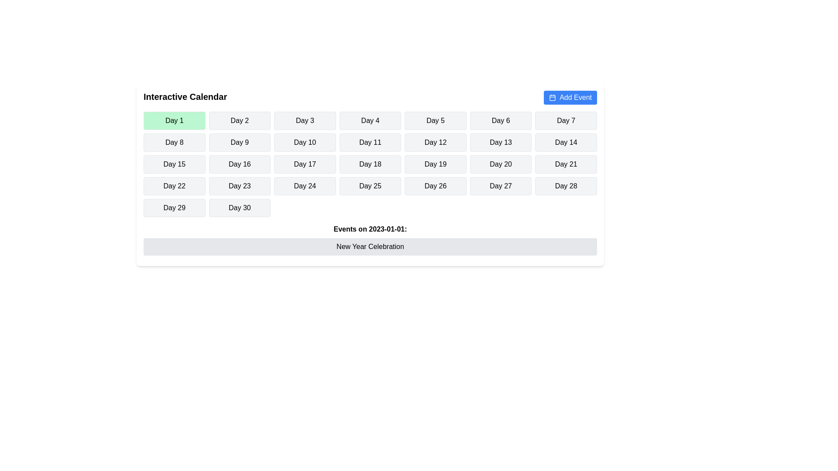  What do you see at coordinates (566, 142) in the screenshot?
I see `the rectangular button labeled 'Day 14'` at bounding box center [566, 142].